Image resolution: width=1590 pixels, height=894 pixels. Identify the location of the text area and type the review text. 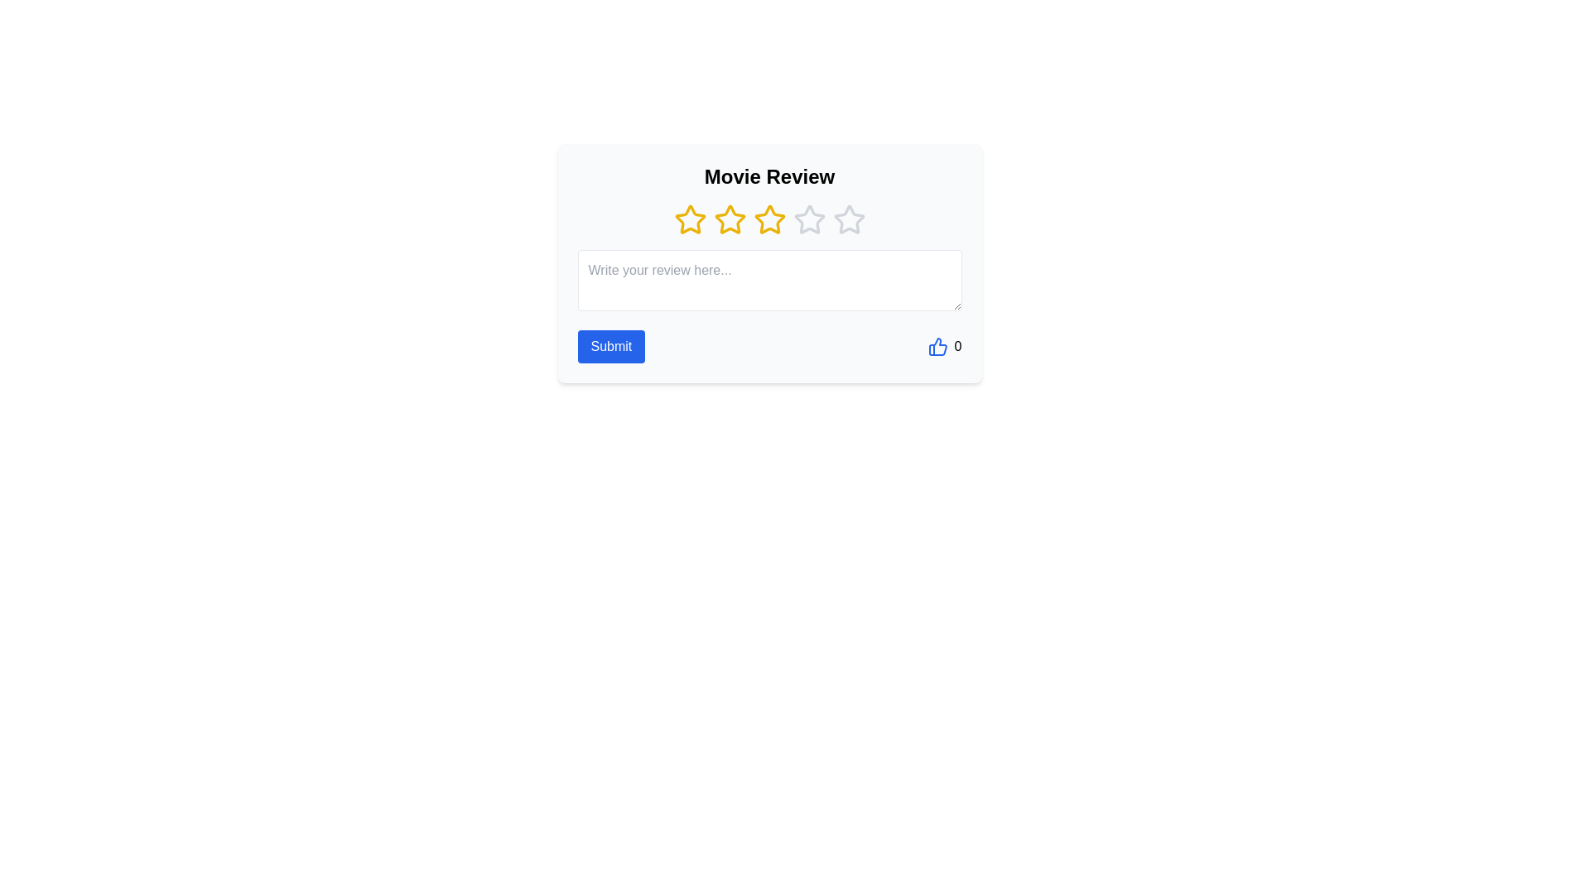
(768, 280).